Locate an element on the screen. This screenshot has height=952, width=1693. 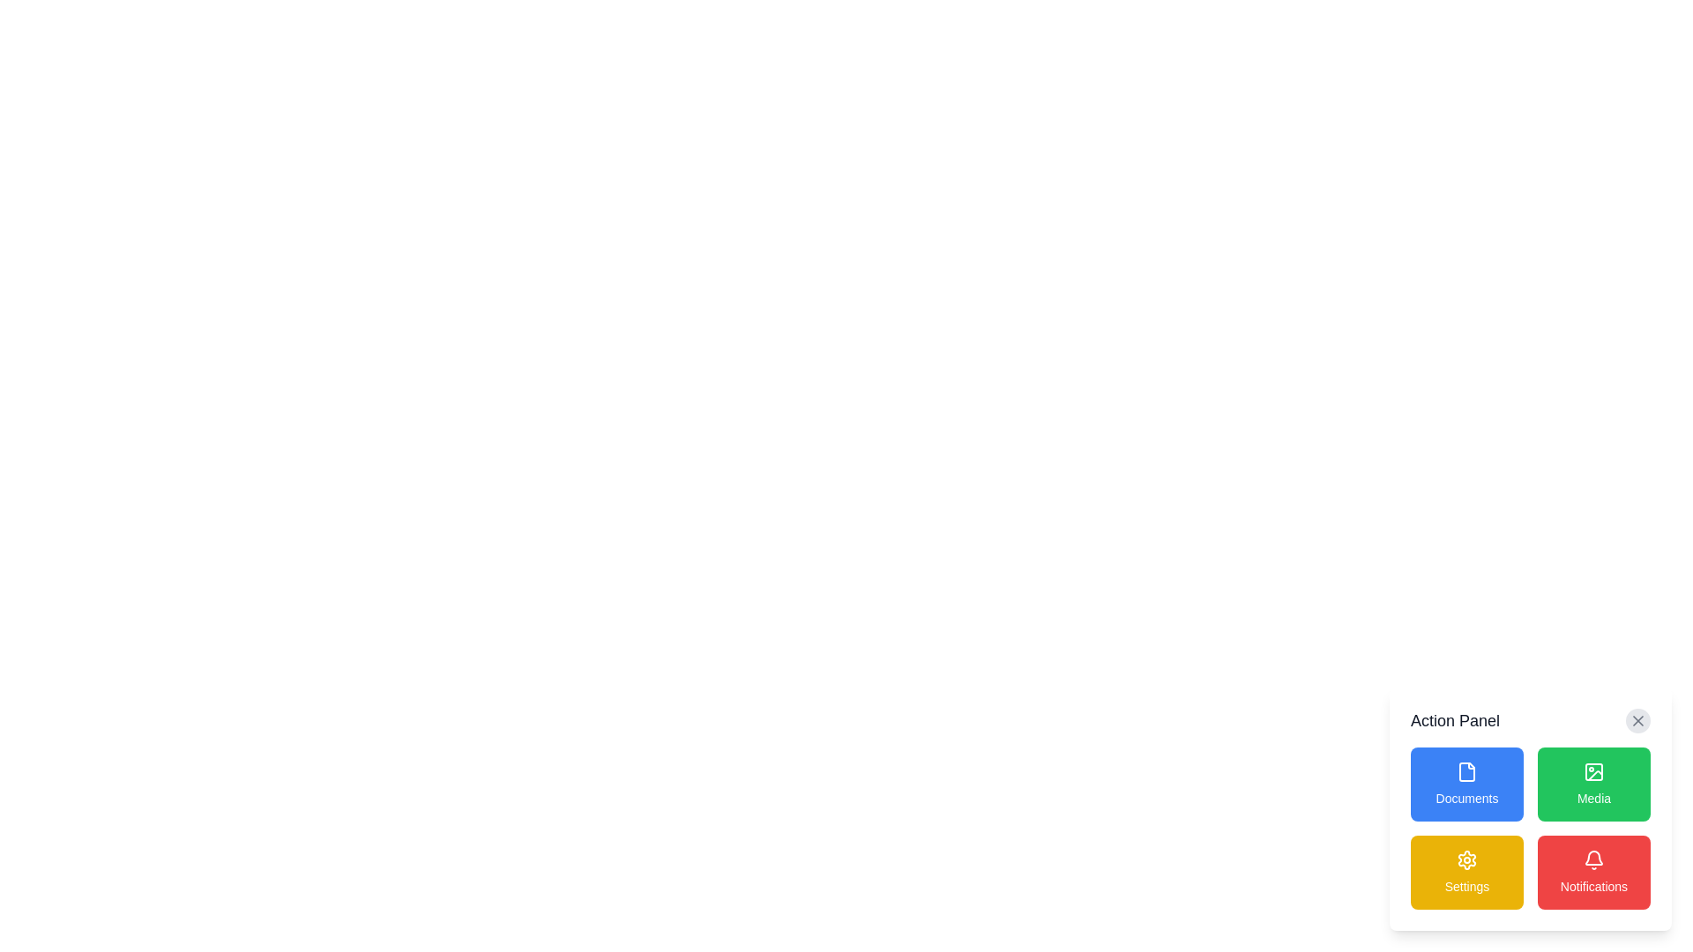
the button located at the bottom-right corner of the 'Action Panel' is located at coordinates (1594, 873).